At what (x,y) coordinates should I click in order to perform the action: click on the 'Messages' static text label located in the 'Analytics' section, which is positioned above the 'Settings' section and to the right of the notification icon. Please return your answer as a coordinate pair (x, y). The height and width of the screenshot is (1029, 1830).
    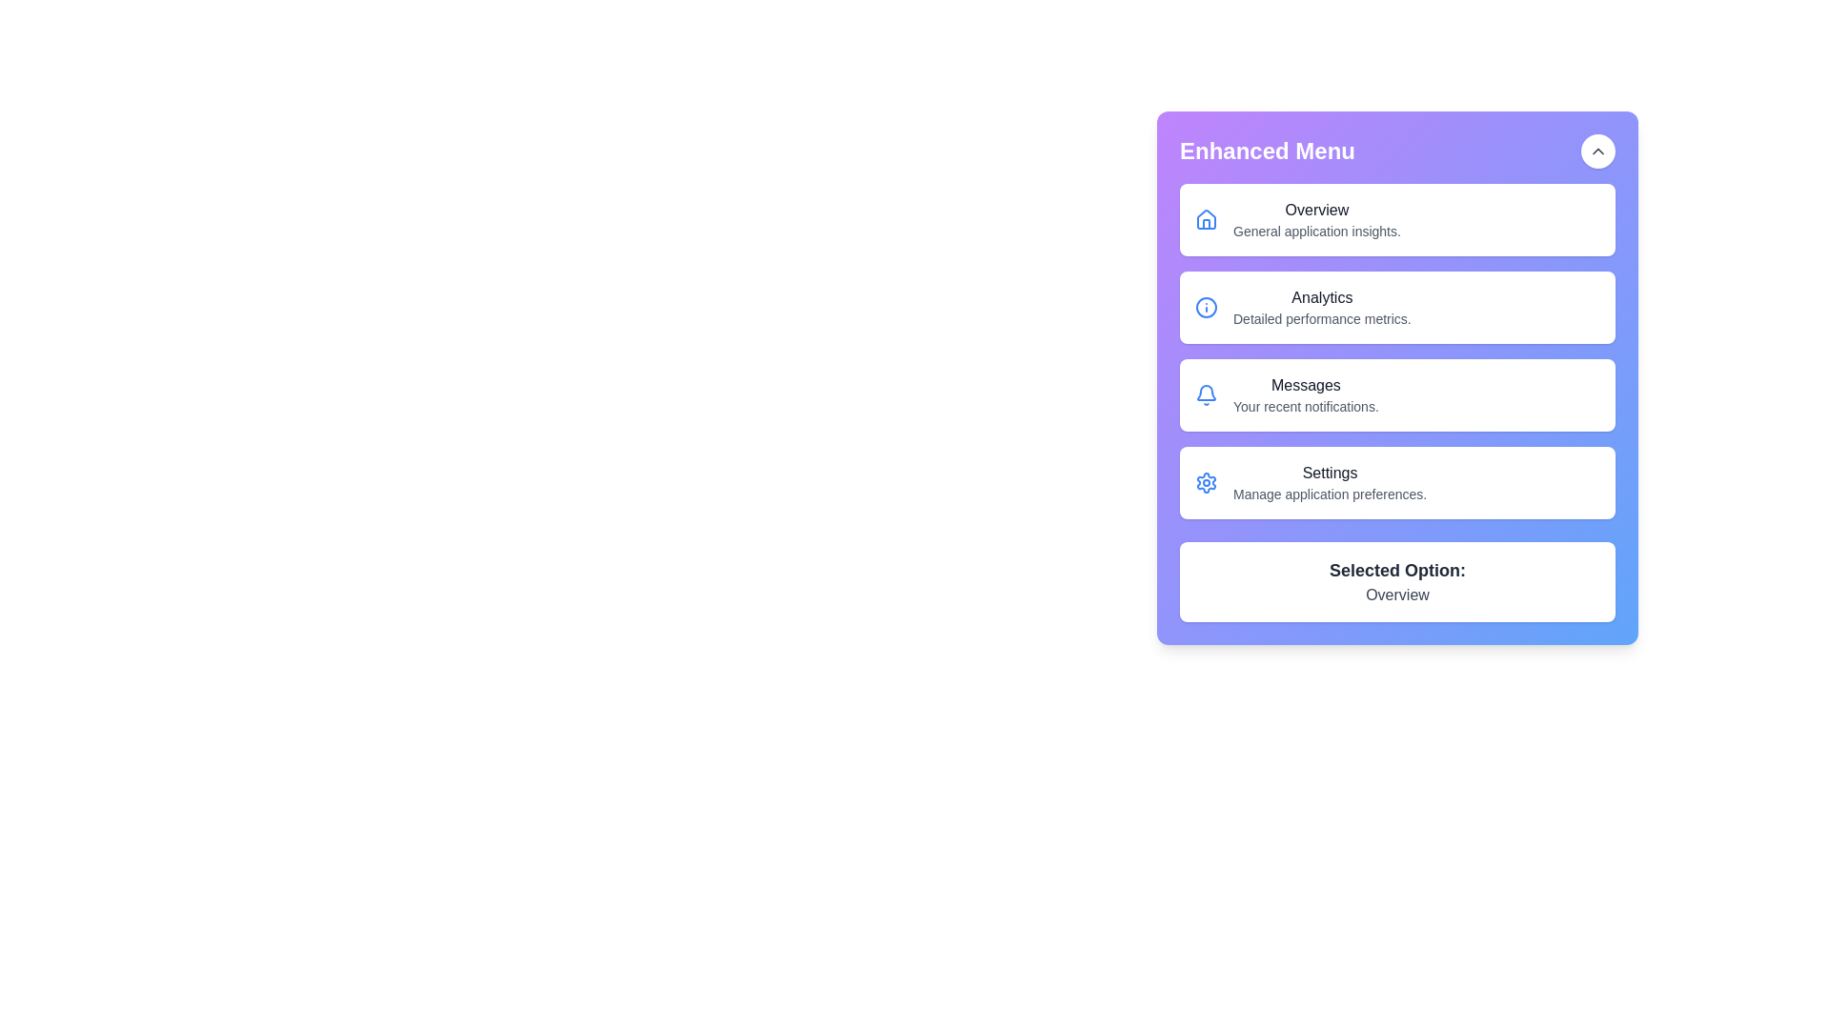
    Looking at the image, I should click on (1305, 386).